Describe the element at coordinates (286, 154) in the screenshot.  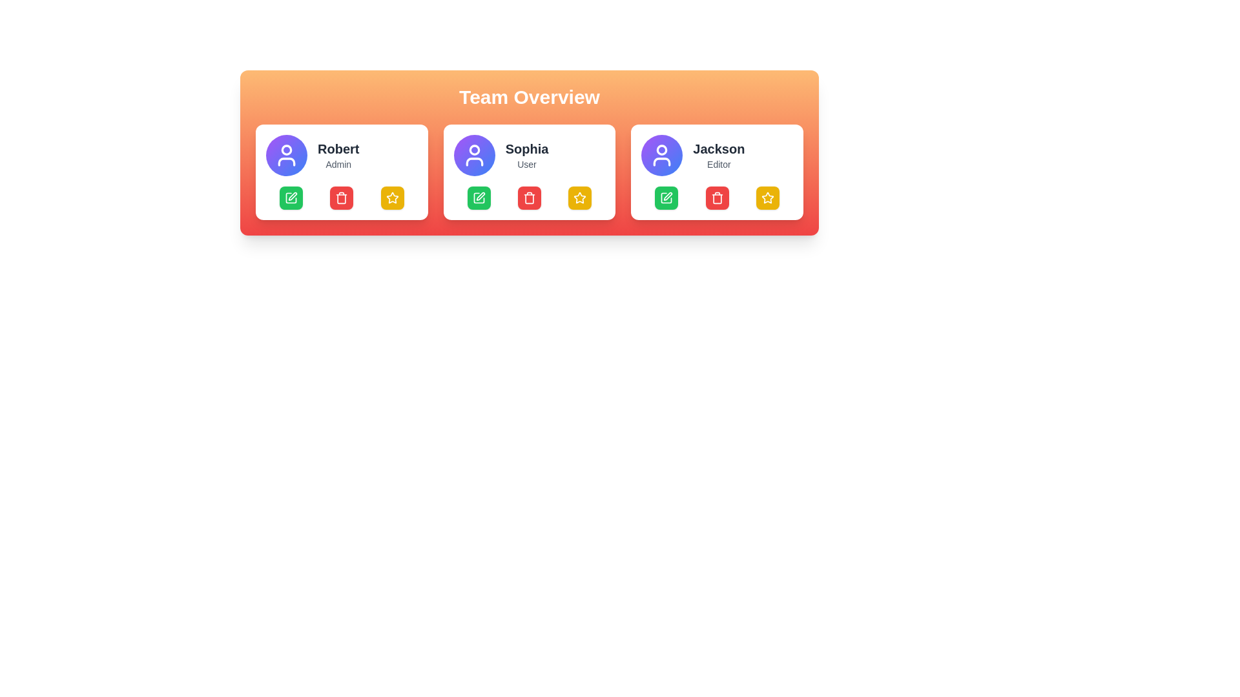
I see `the profile picture of user 'Robert' in the 'Team Overview' section` at that location.